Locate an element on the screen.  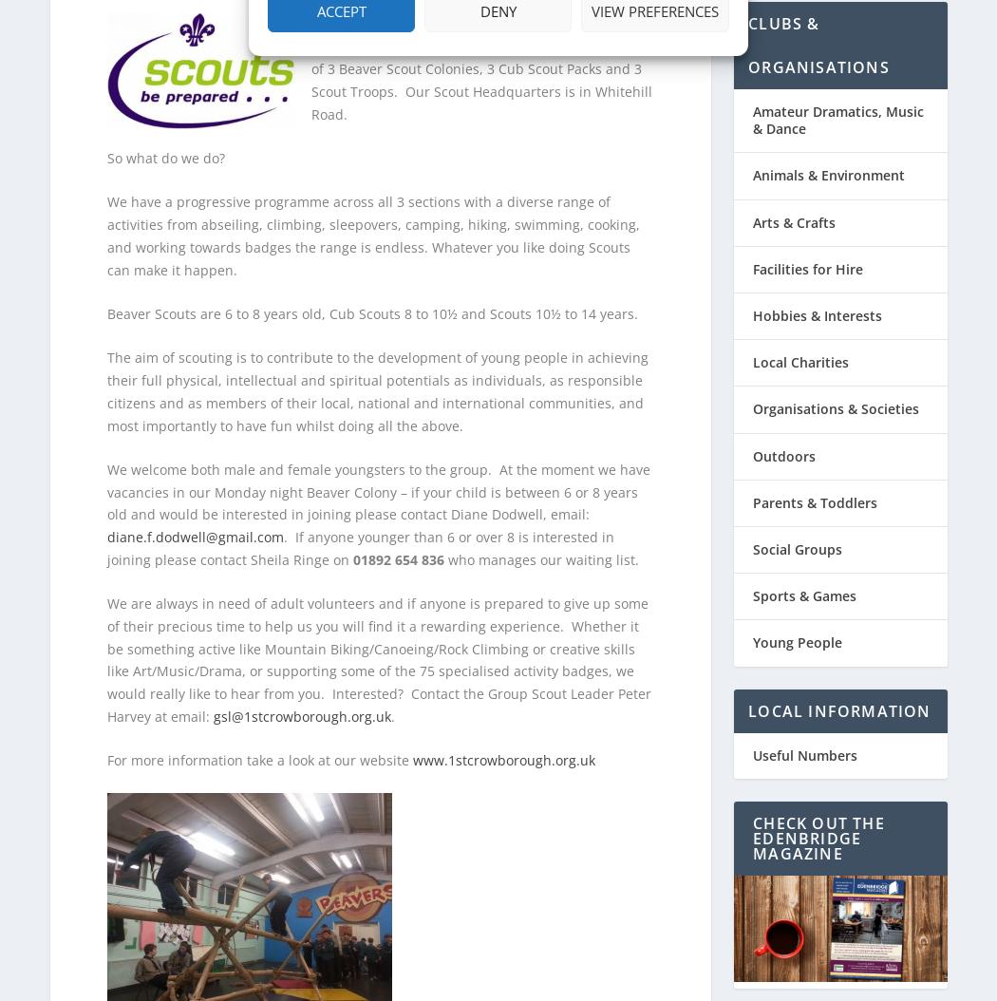
'It consists of 3 Beaver Scout Colonies, 3 Cub Scout Packs and 3 Scout Troops.' is located at coordinates (310, 58).